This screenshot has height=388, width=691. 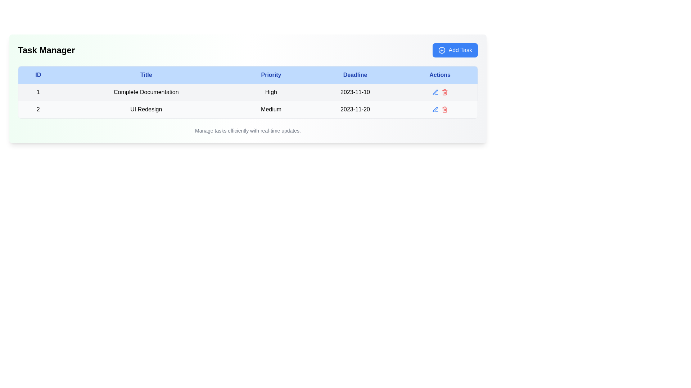 I want to click on the non-interactive text label indicating the priority level in the first row of the table under the 'Priority' column, located between the 'Title' and 'Deadline' columns, so click(x=271, y=92).